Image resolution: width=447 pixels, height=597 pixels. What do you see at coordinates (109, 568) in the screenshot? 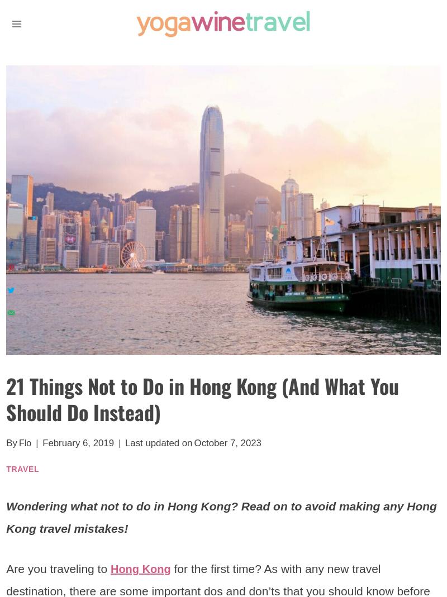
I see `'Hong Kong'` at bounding box center [109, 568].